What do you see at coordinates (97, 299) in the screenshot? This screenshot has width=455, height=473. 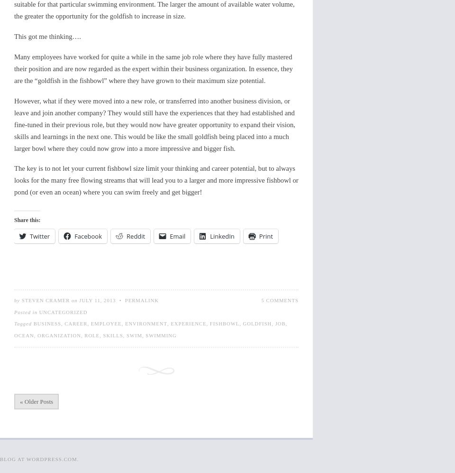 I see `'July 11, 2013'` at bounding box center [97, 299].